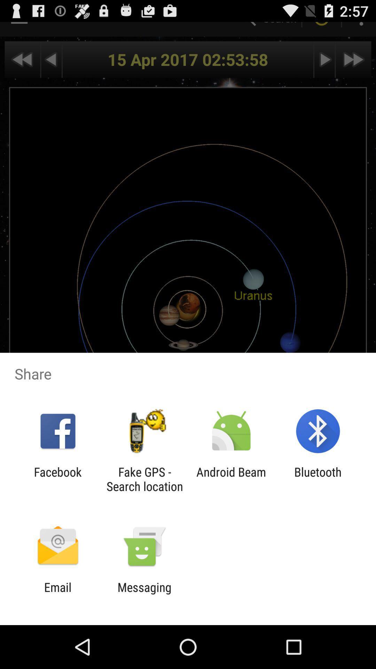 This screenshot has height=669, width=376. I want to click on the item to the right of the facebook item, so click(144, 479).